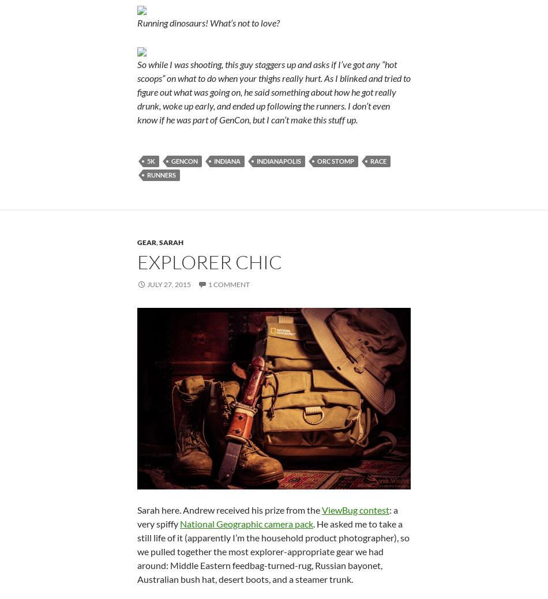  Describe the element at coordinates (355, 510) in the screenshot. I see `'ViewBug contest'` at that location.